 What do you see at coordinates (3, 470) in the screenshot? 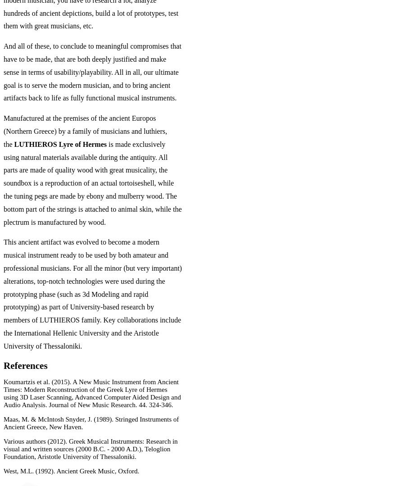
I see `'West, M.L. (1992). Ancient Greek Music, Oxford.'` at bounding box center [3, 470].